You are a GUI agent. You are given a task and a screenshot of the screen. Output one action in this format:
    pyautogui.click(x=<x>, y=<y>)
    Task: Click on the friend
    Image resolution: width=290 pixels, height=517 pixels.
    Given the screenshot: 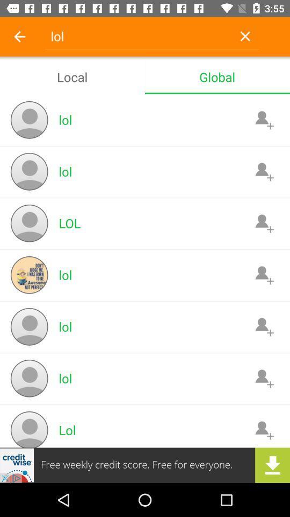 What is the action you would take?
    pyautogui.click(x=264, y=222)
    